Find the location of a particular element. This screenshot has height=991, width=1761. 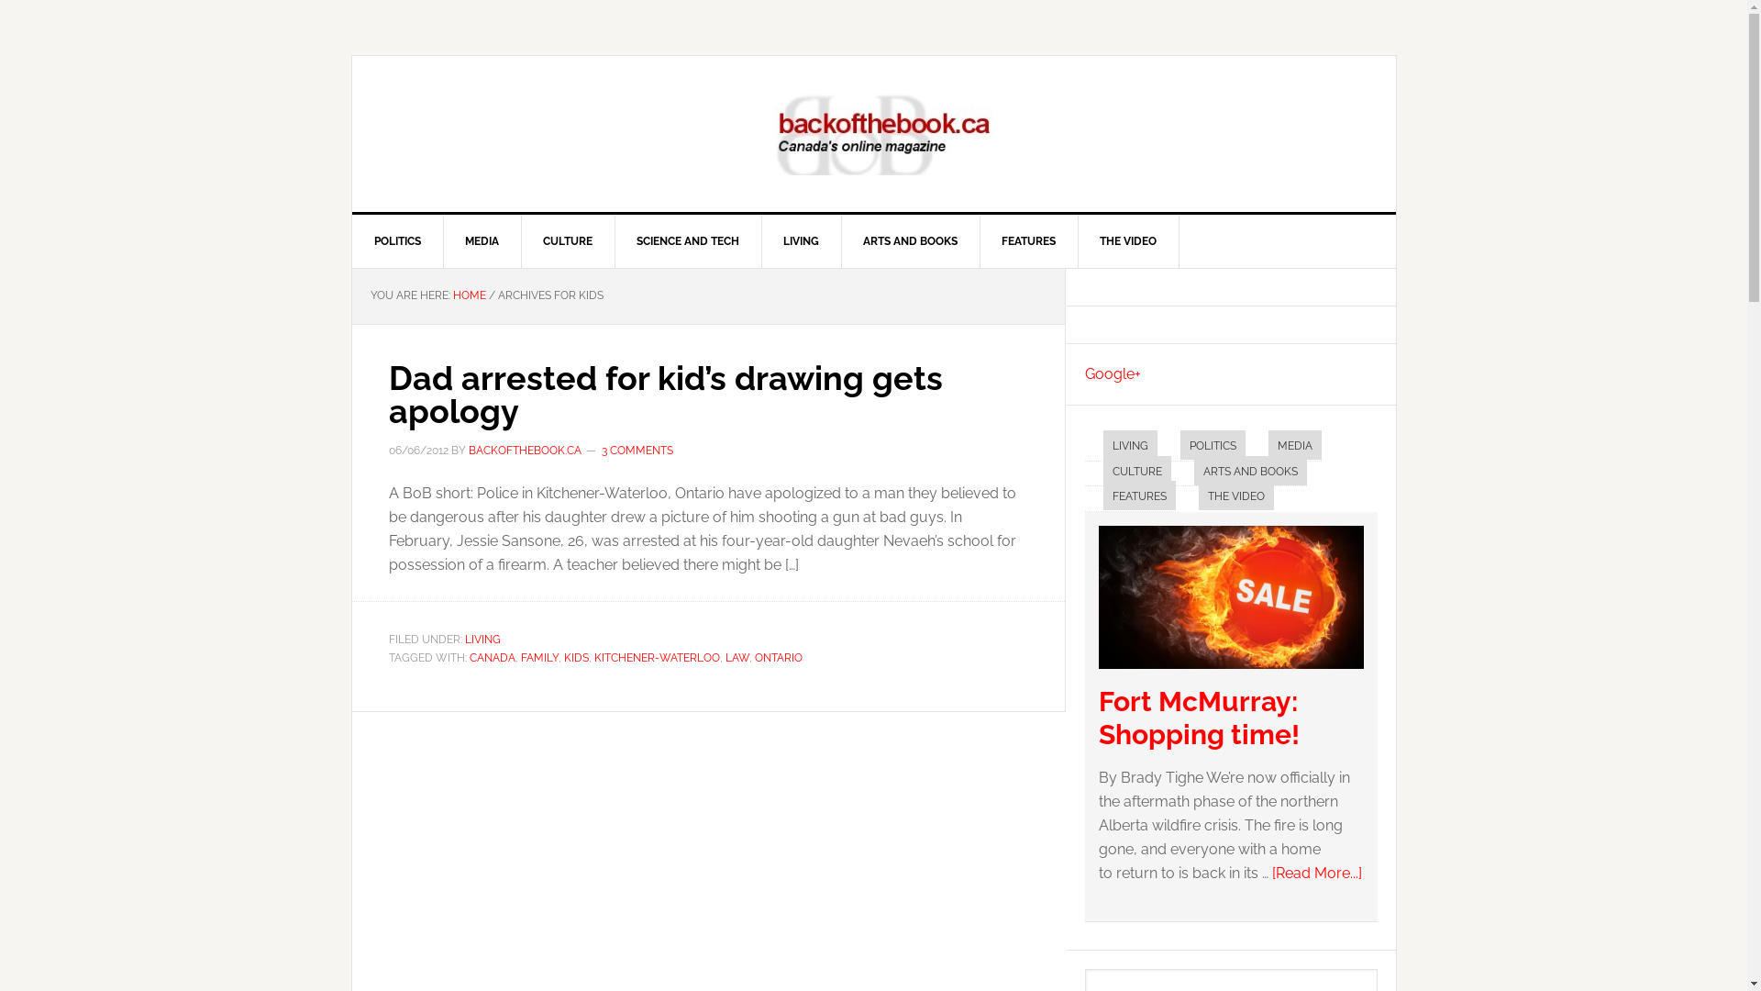

'3 COMMENTS' is located at coordinates (637, 450).